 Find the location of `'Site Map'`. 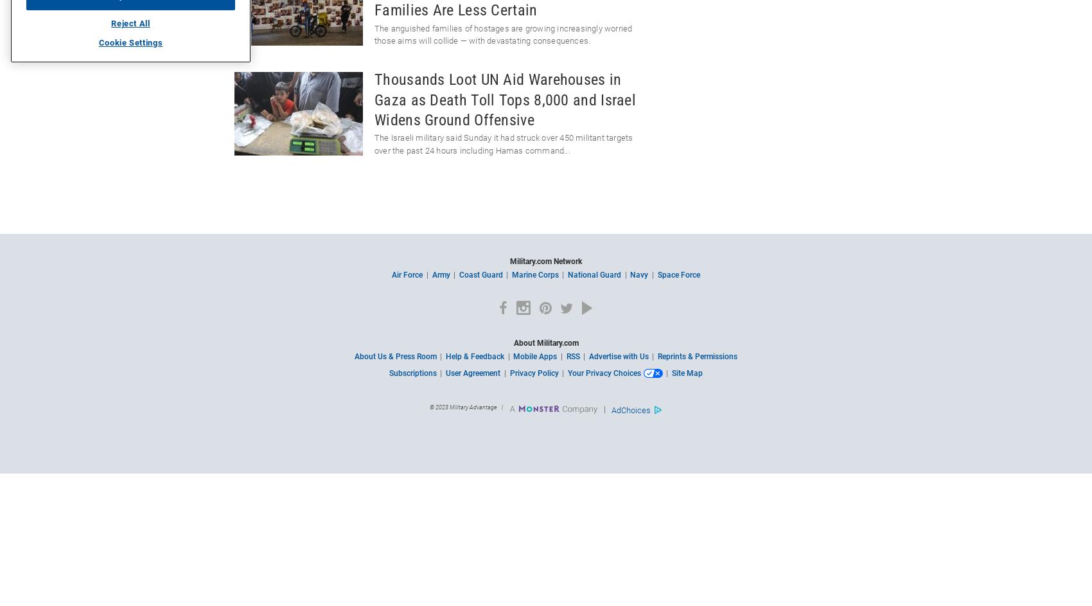

'Site Map' is located at coordinates (686, 372).